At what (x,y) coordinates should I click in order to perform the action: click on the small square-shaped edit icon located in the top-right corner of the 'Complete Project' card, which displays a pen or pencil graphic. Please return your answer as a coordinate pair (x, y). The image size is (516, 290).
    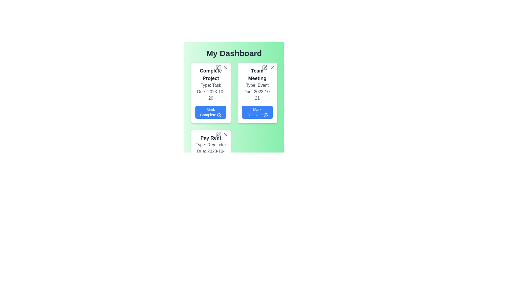
    Looking at the image, I should click on (218, 67).